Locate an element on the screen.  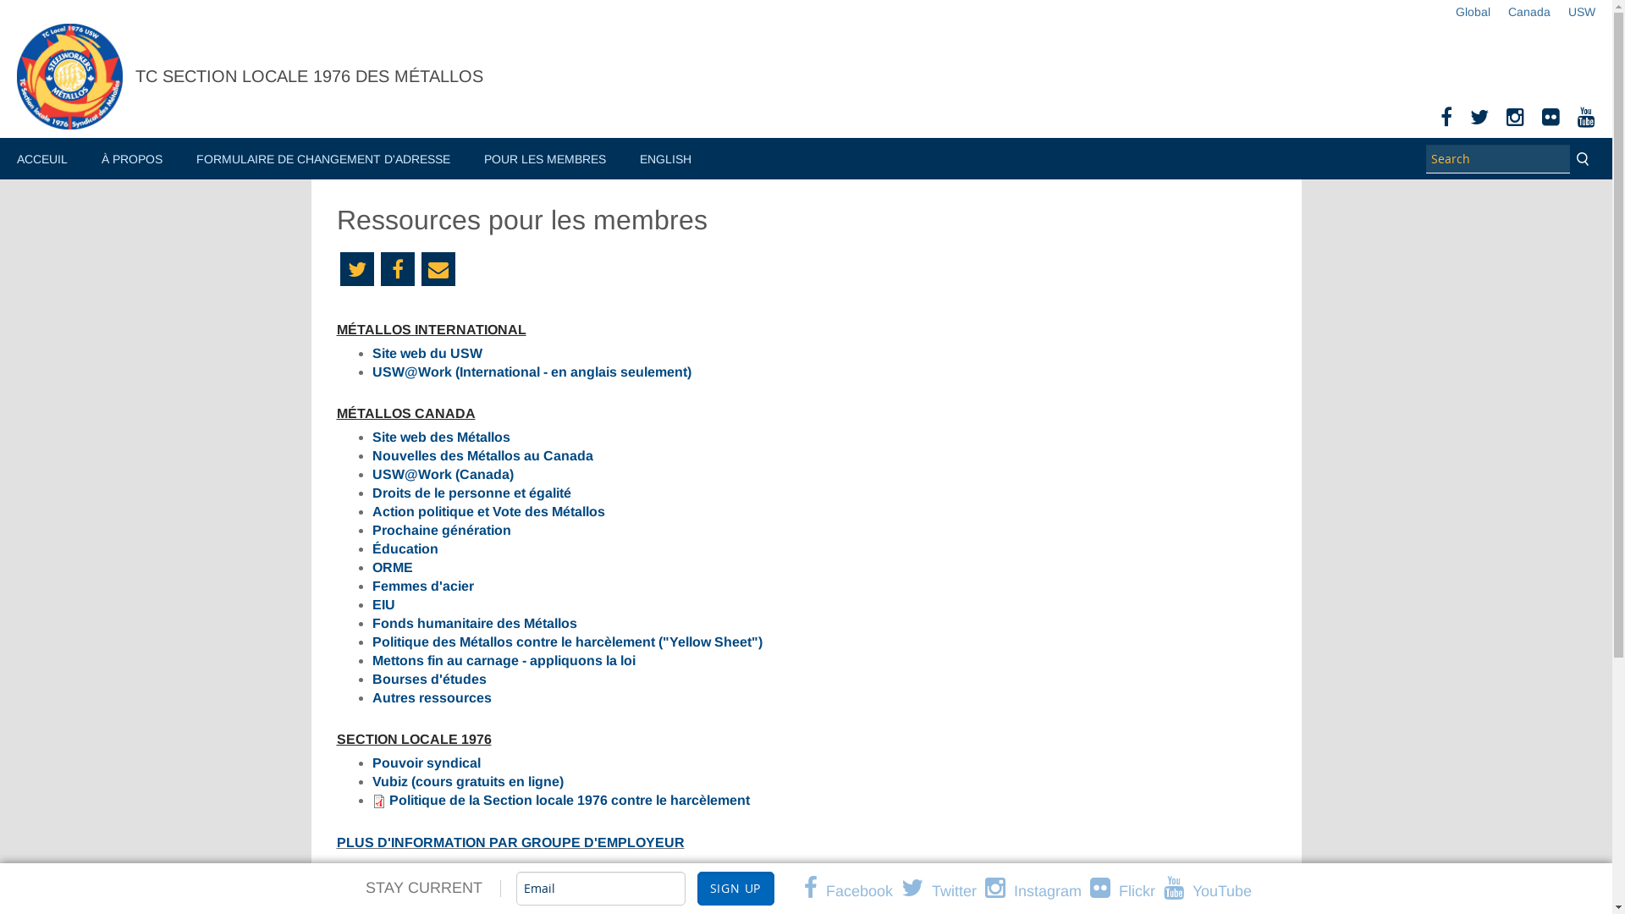
'Vubiz (cours gratuits en ligne)' is located at coordinates (467, 781).